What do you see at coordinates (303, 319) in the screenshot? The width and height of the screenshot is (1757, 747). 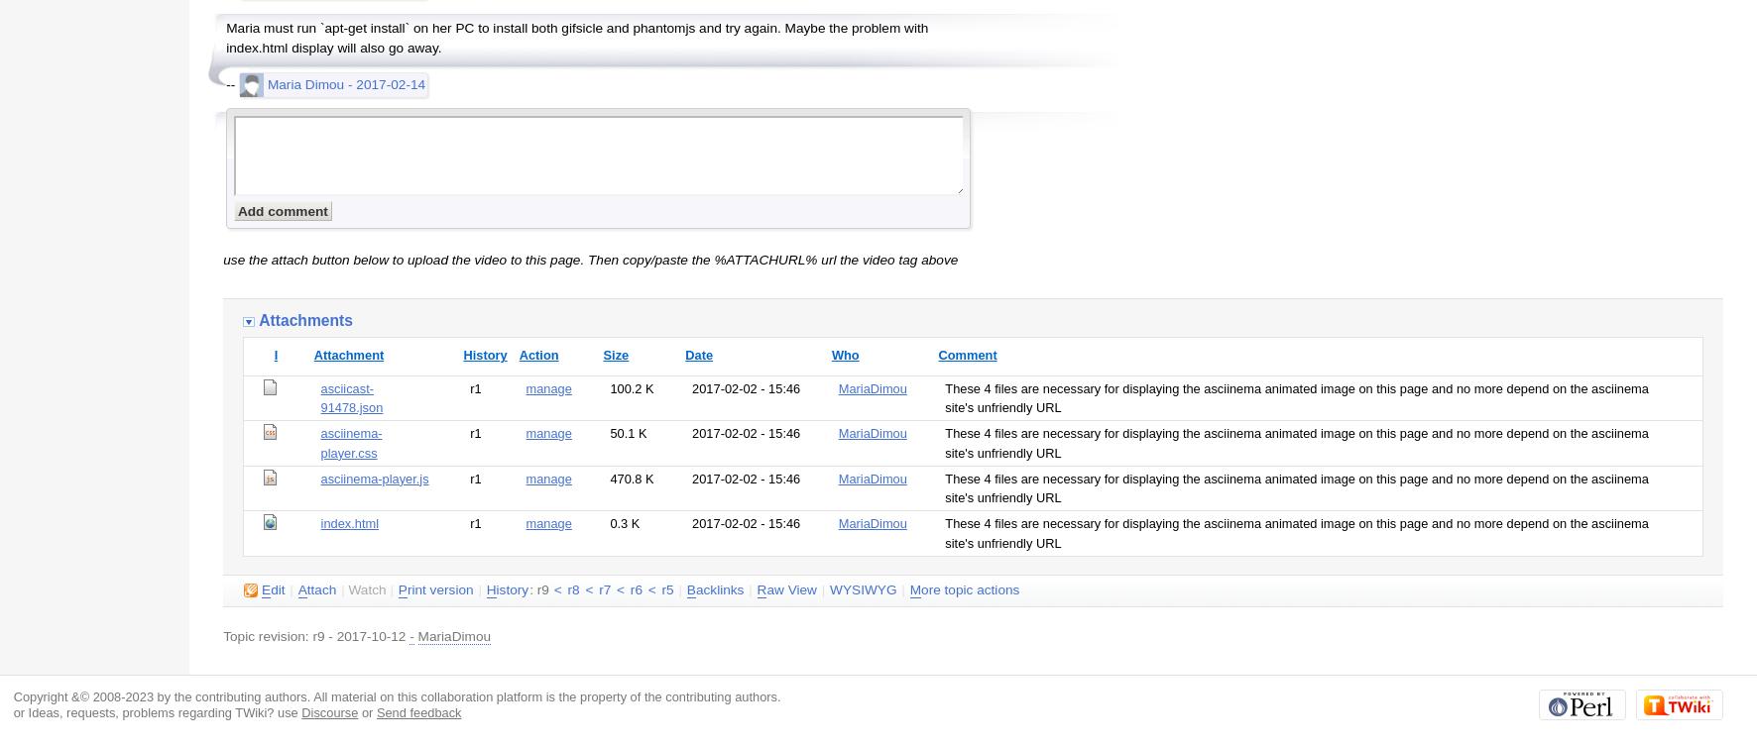 I see `'Attachments'` at bounding box center [303, 319].